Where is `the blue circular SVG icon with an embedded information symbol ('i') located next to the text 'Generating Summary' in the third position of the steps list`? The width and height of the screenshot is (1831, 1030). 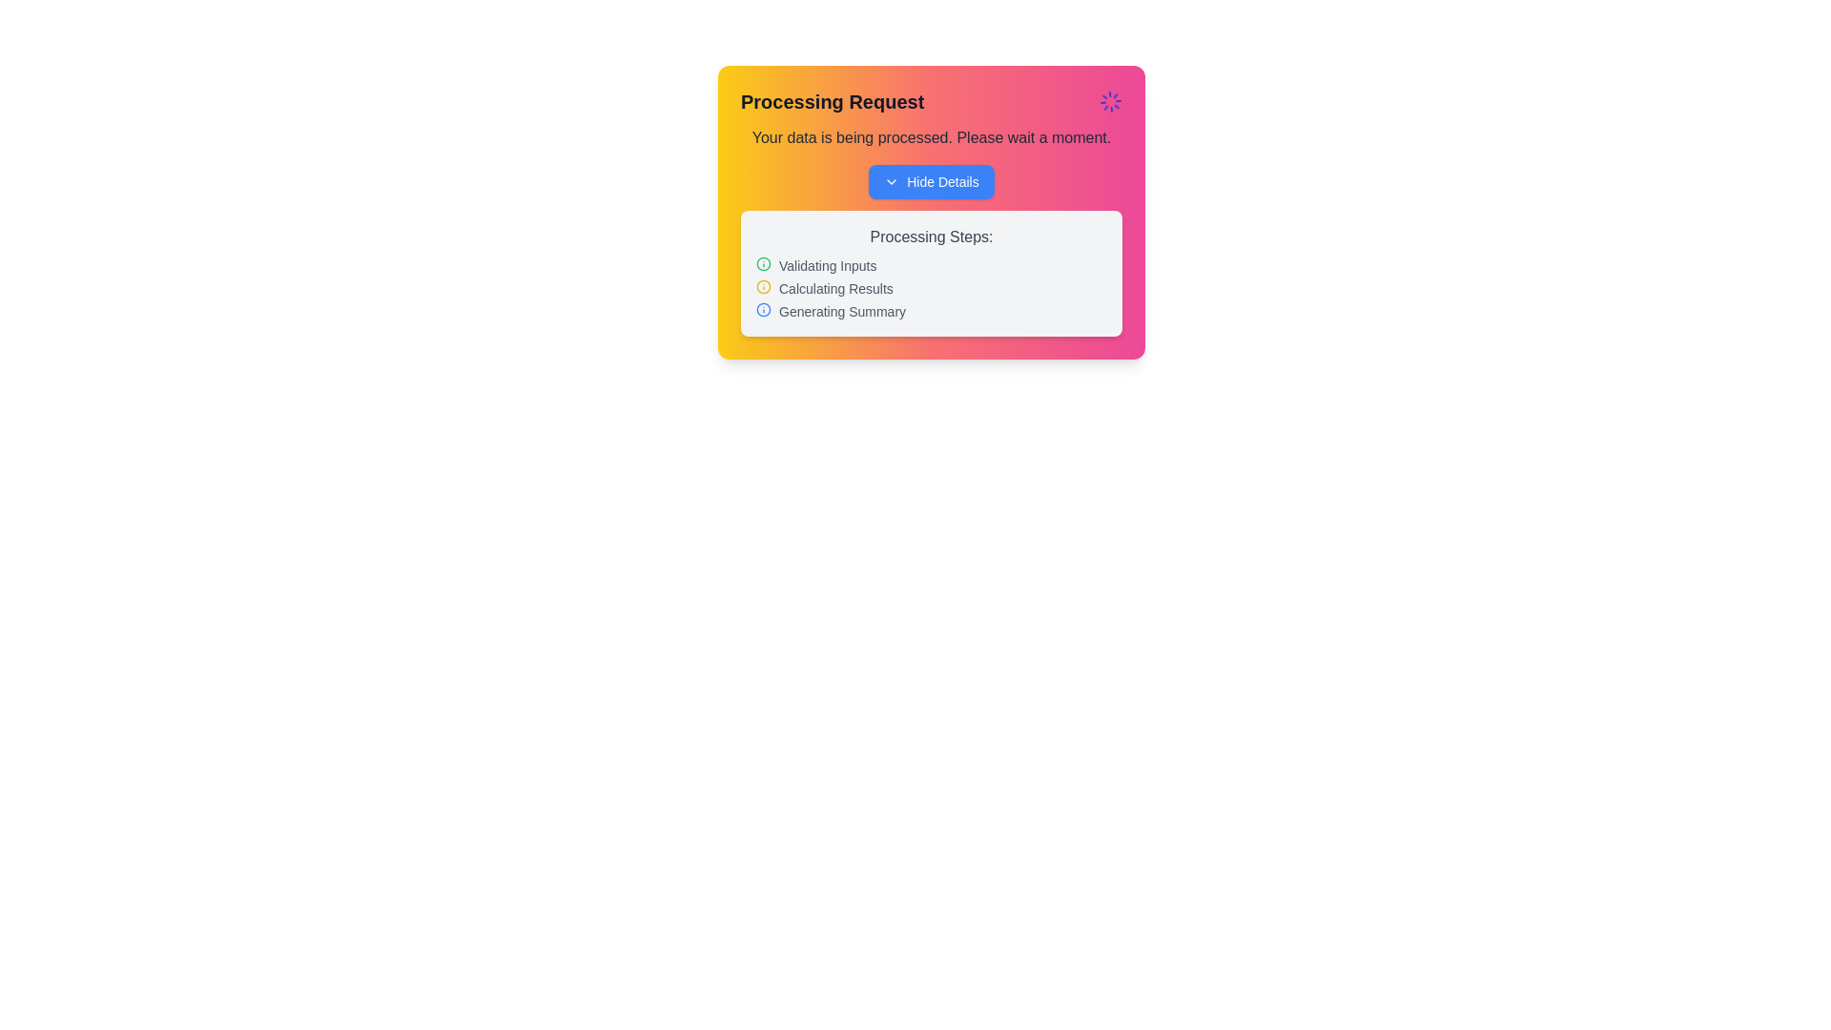
the blue circular SVG icon with an embedded information symbol ('i') located next to the text 'Generating Summary' in the third position of the steps list is located at coordinates (764, 308).